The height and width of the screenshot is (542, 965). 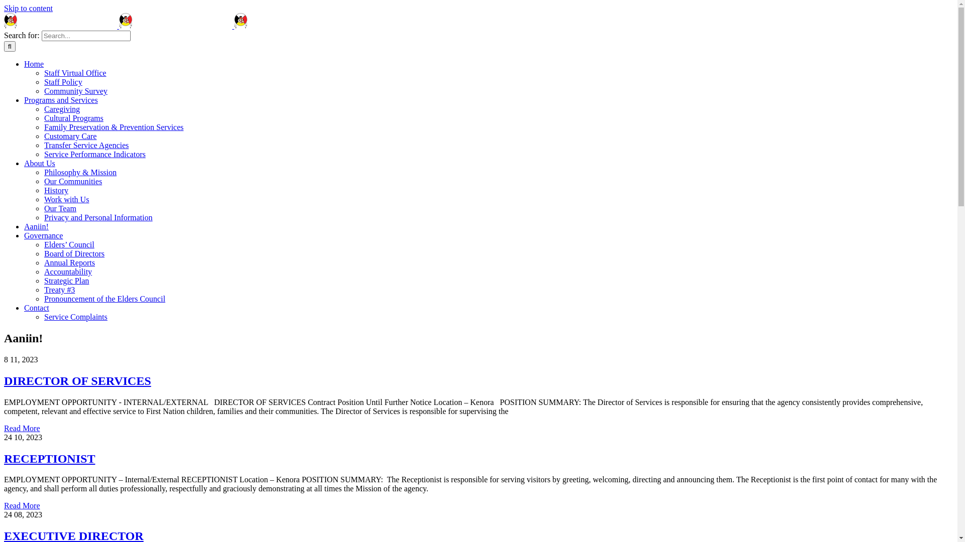 What do you see at coordinates (60, 208) in the screenshot?
I see `'Our Team'` at bounding box center [60, 208].